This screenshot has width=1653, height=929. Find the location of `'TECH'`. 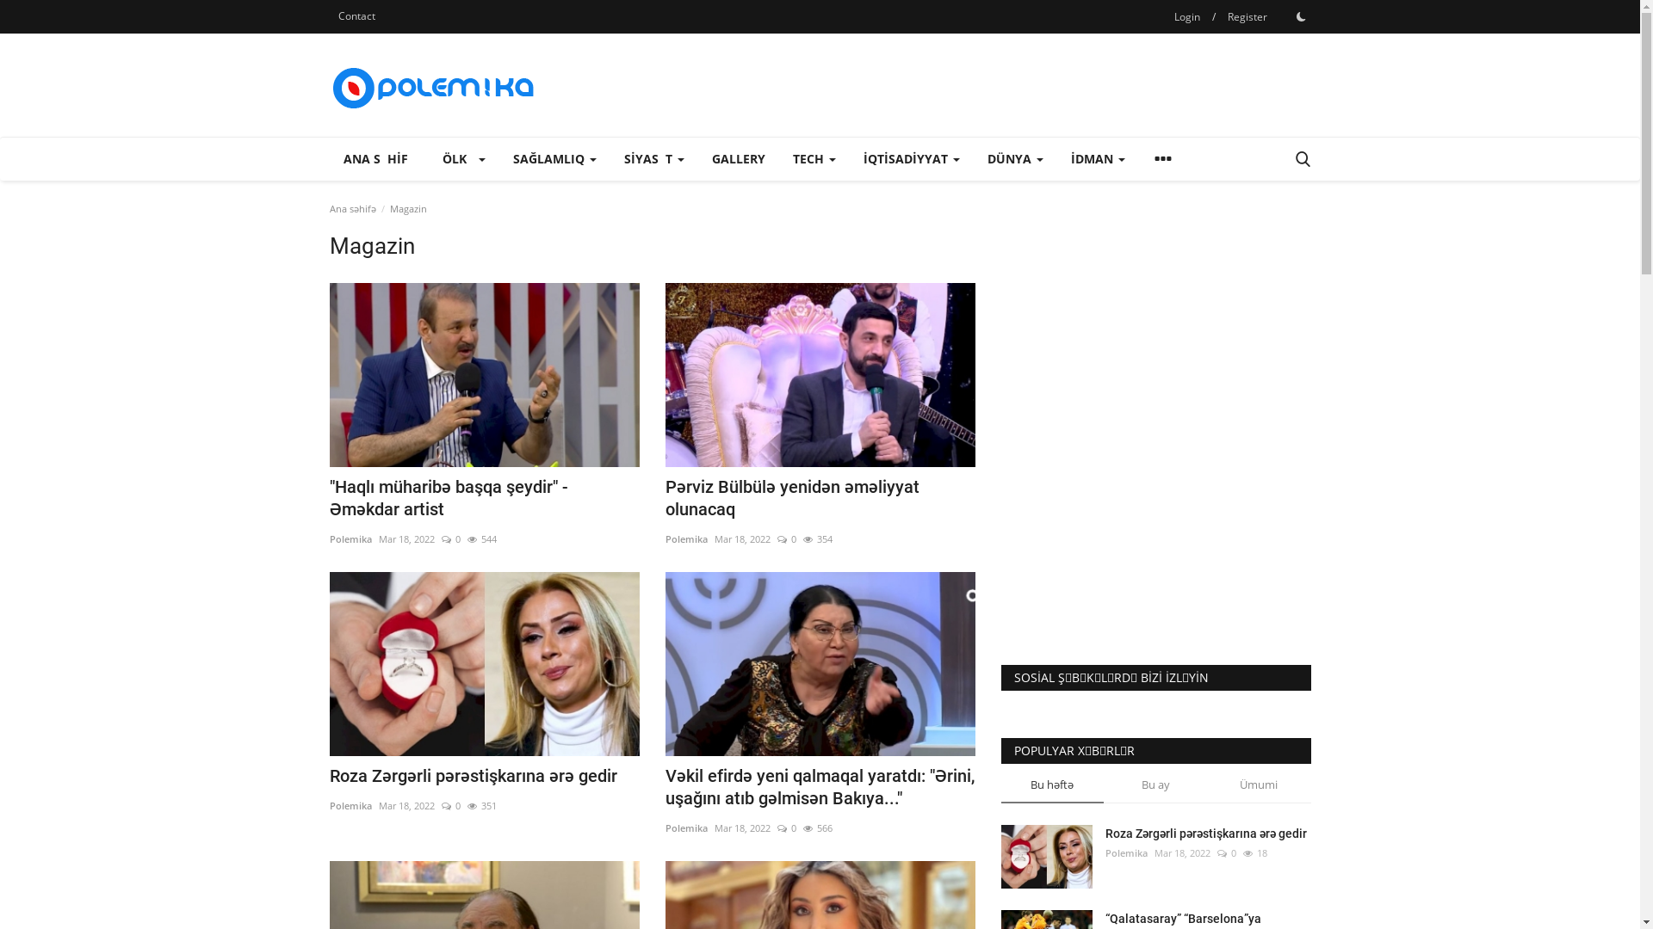

'TECH' is located at coordinates (813, 159).